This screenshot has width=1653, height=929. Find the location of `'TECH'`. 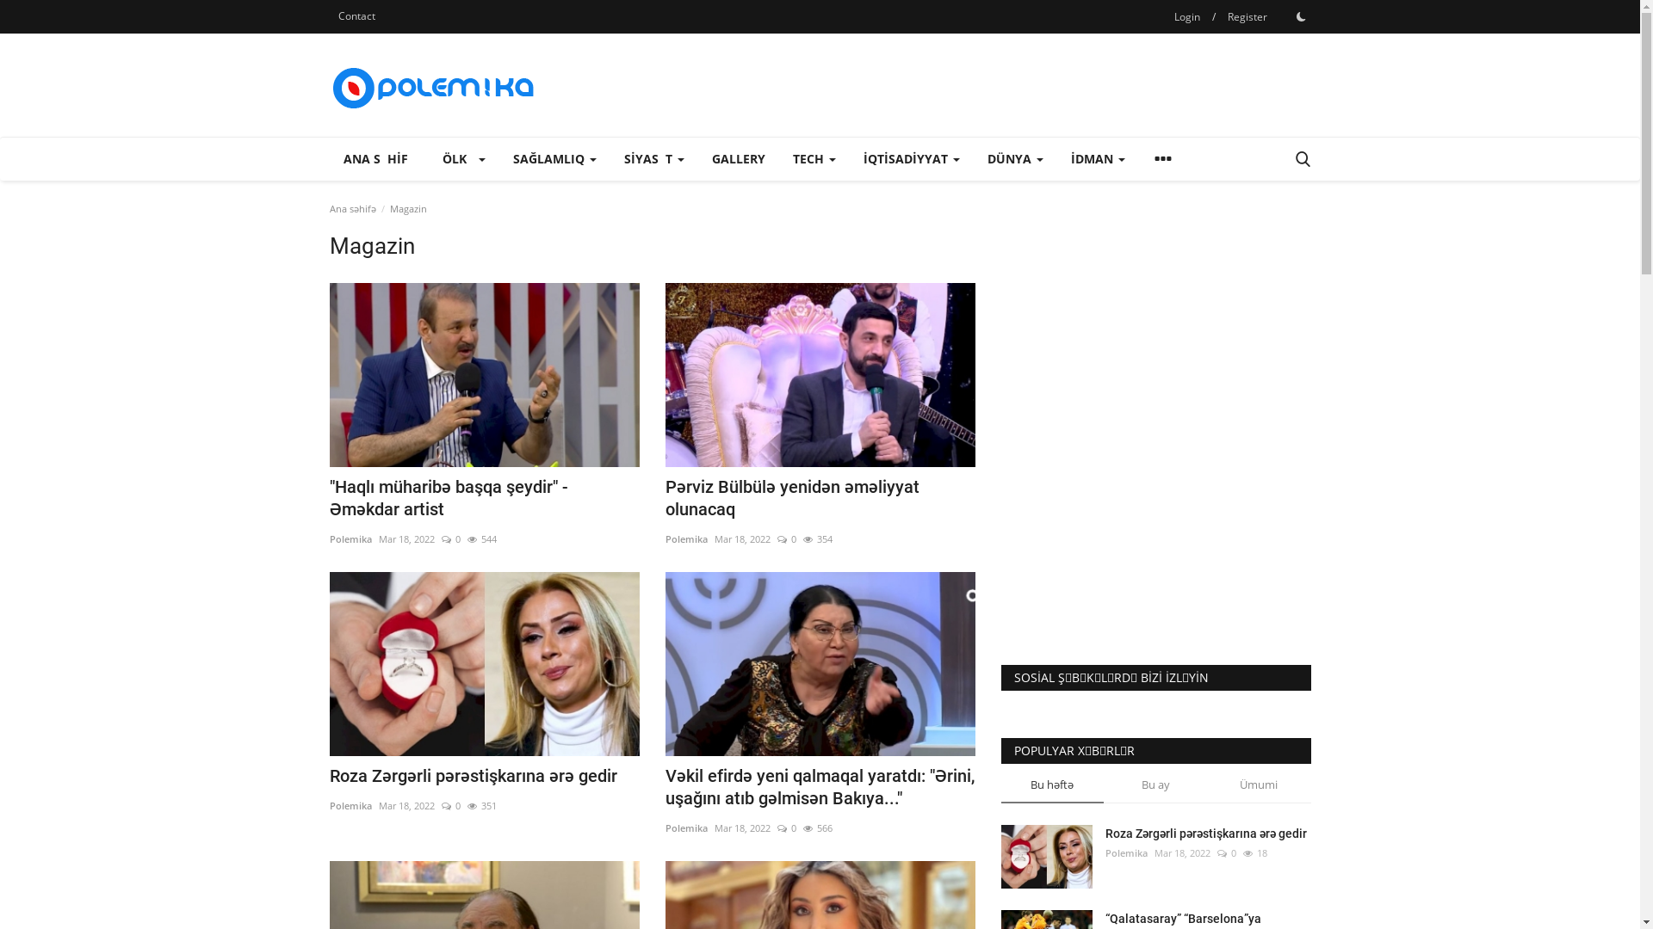

'TECH' is located at coordinates (813, 159).